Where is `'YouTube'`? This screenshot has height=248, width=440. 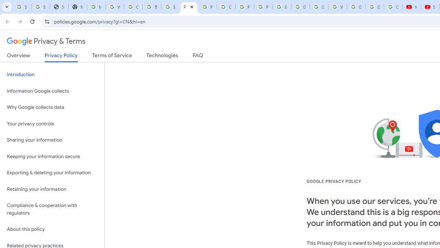 'YouTube' is located at coordinates (412, 7).